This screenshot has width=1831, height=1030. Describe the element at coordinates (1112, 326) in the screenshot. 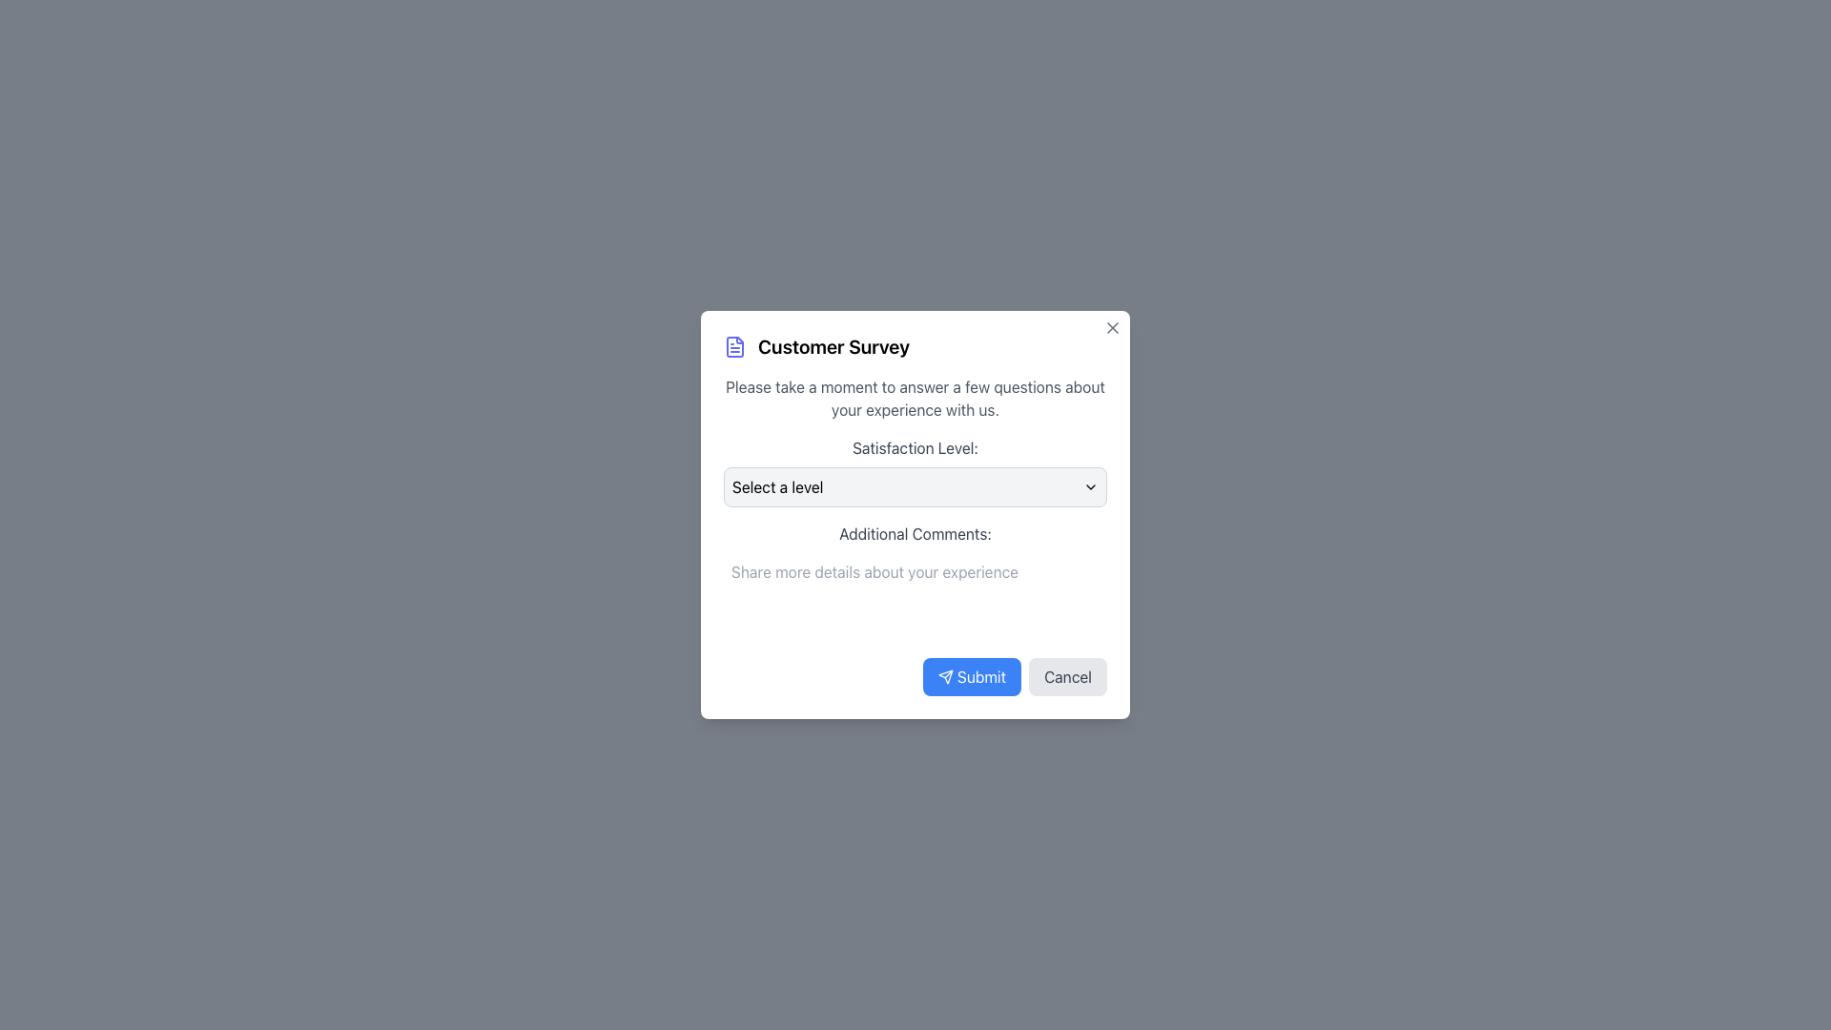

I see `the 'X' shaped gray button located at the top-right corner of the 'Customer Survey' dialog box` at that location.